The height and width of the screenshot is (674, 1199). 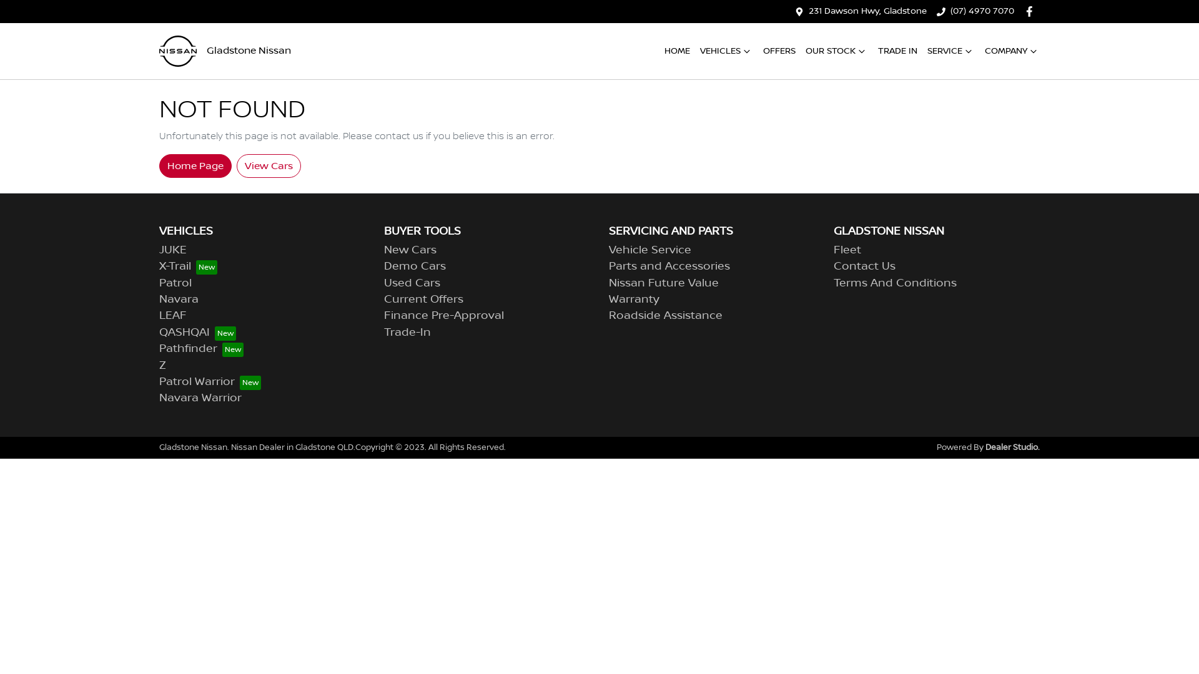 I want to click on 'Gladstone Nissan', so click(x=225, y=50).